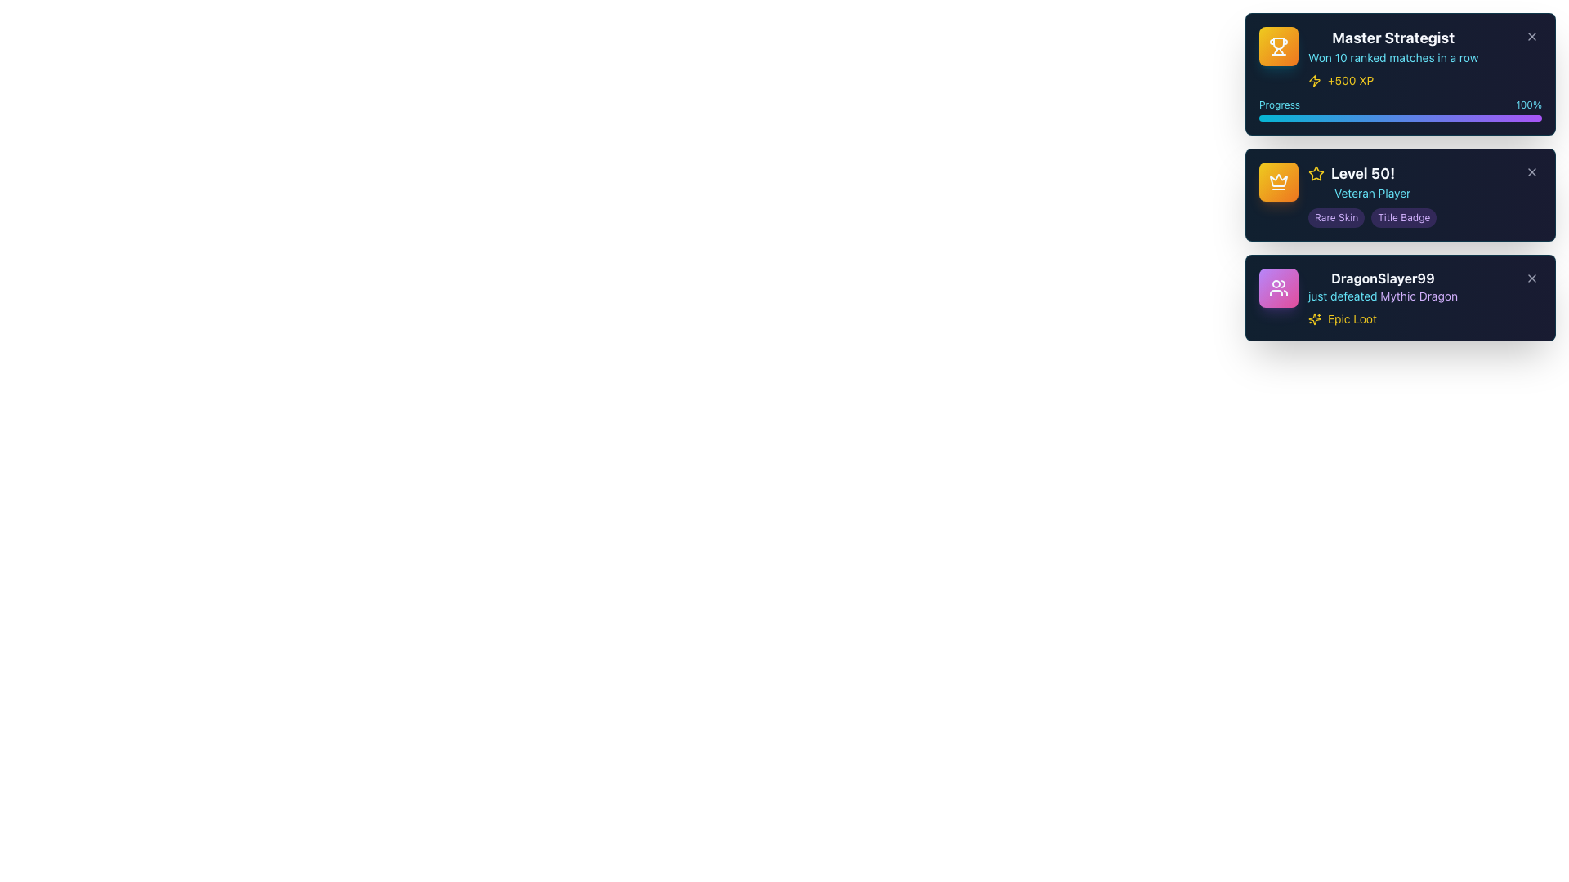 The width and height of the screenshot is (1569, 882). What do you see at coordinates (1392, 56) in the screenshot?
I see `the text label stating 'Won 10 ranked matches in a row' which is styled in cyan color and located within the notification card below the title 'Master Strategist'` at bounding box center [1392, 56].